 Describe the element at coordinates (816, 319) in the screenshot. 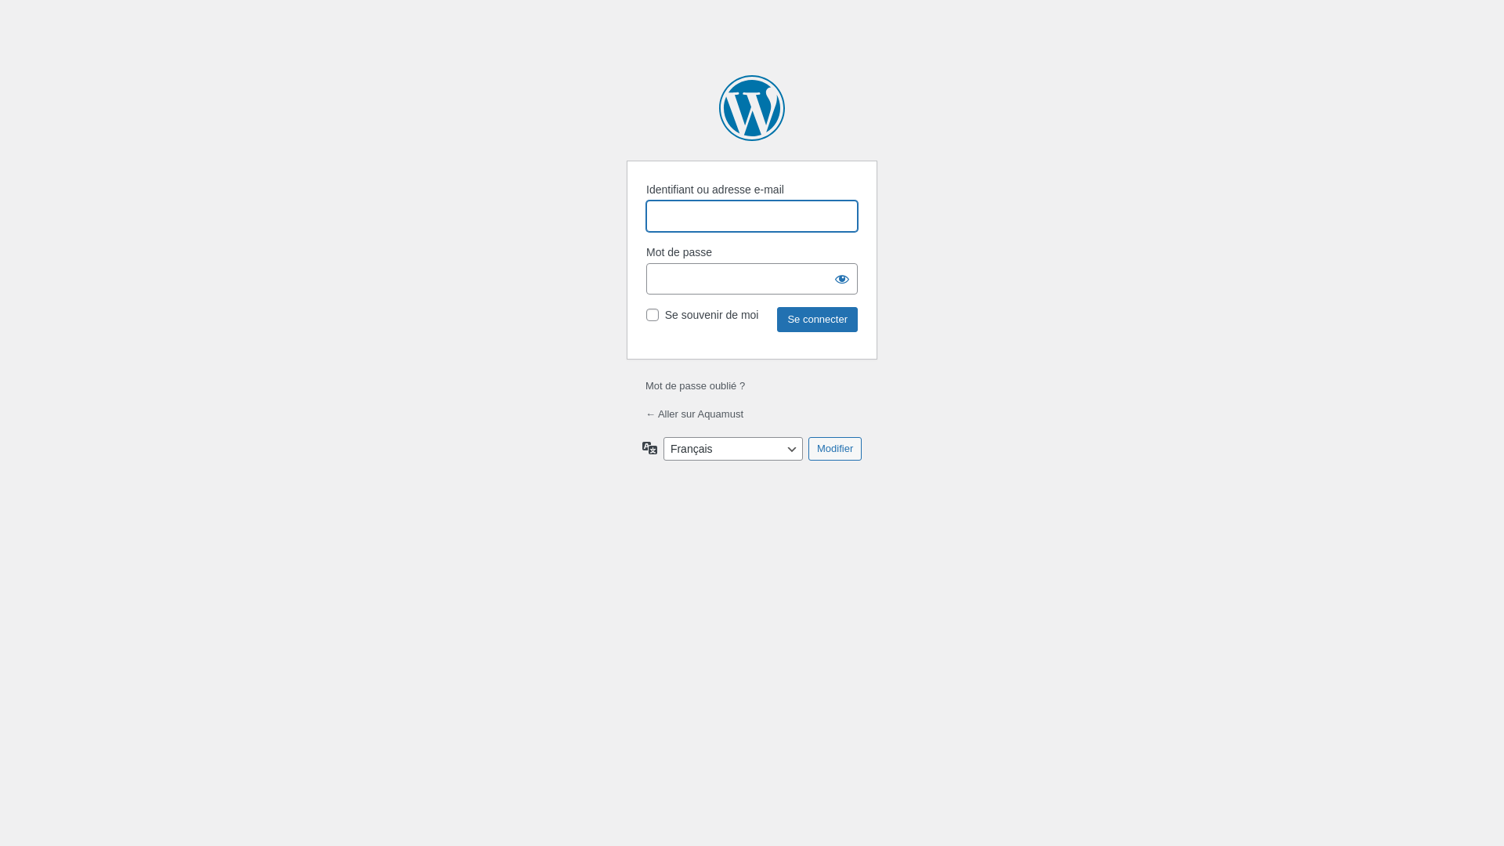

I see `'Se connecter'` at that location.